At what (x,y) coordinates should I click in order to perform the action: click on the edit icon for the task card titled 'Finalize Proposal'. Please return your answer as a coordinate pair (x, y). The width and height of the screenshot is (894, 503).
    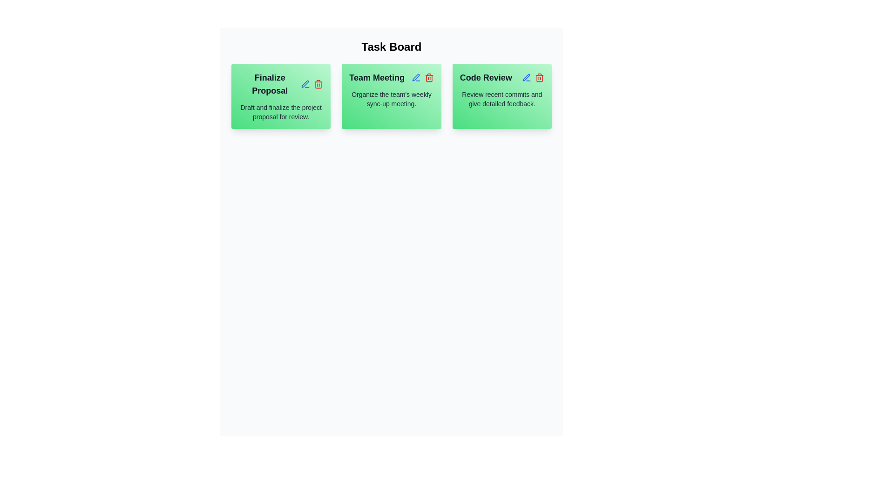
    Looking at the image, I should click on (305, 84).